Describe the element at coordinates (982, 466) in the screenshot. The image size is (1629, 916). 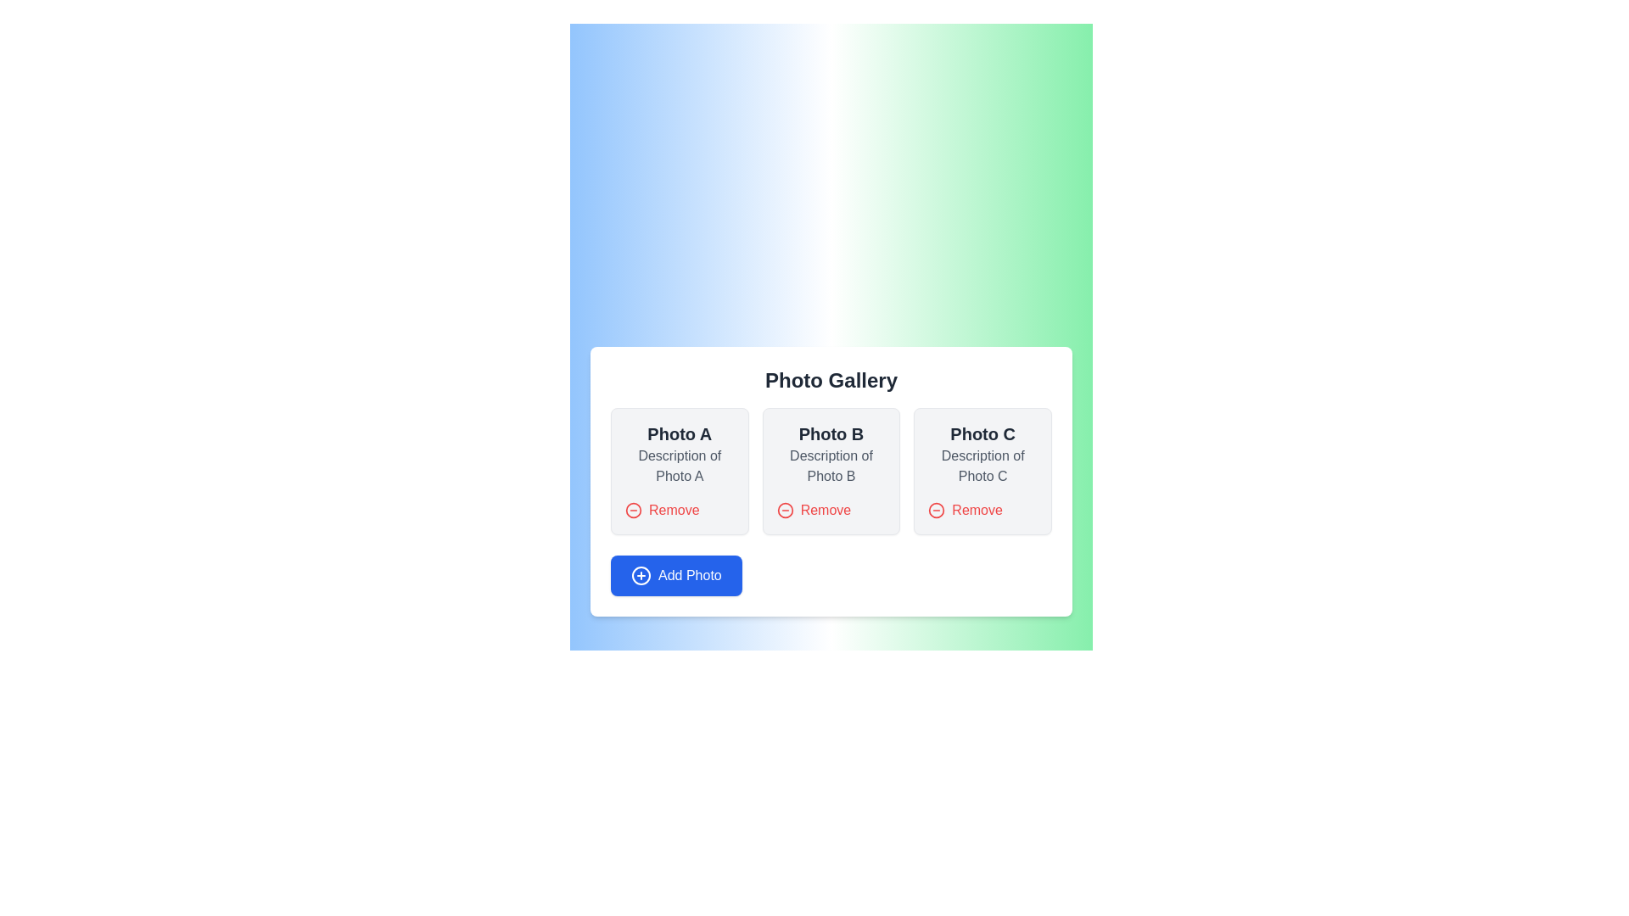
I see `the Text label providing a description for 'Photo C', which is located in the third column below the title and above the 'Remove' button` at that location.